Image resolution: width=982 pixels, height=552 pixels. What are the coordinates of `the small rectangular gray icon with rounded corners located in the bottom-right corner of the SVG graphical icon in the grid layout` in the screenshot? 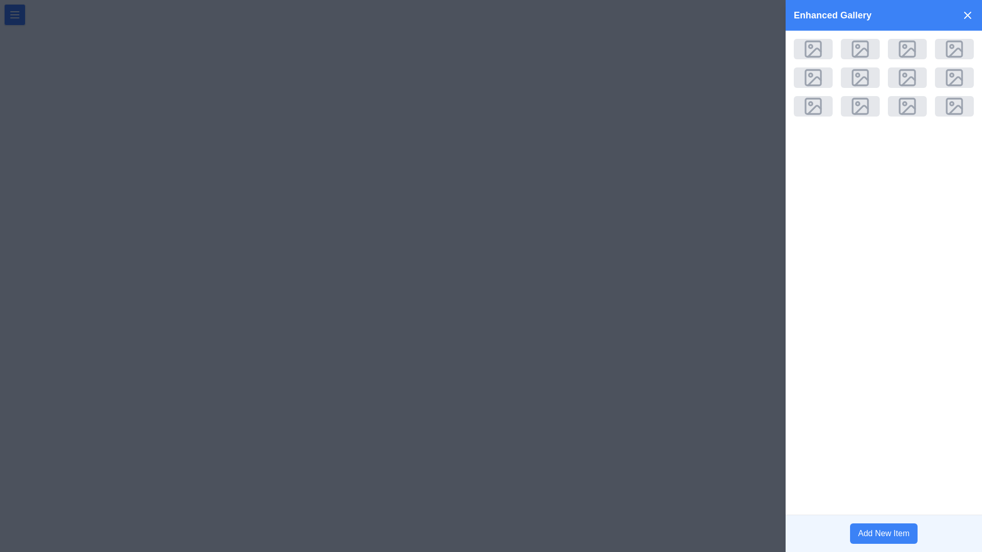 It's located at (907, 106).